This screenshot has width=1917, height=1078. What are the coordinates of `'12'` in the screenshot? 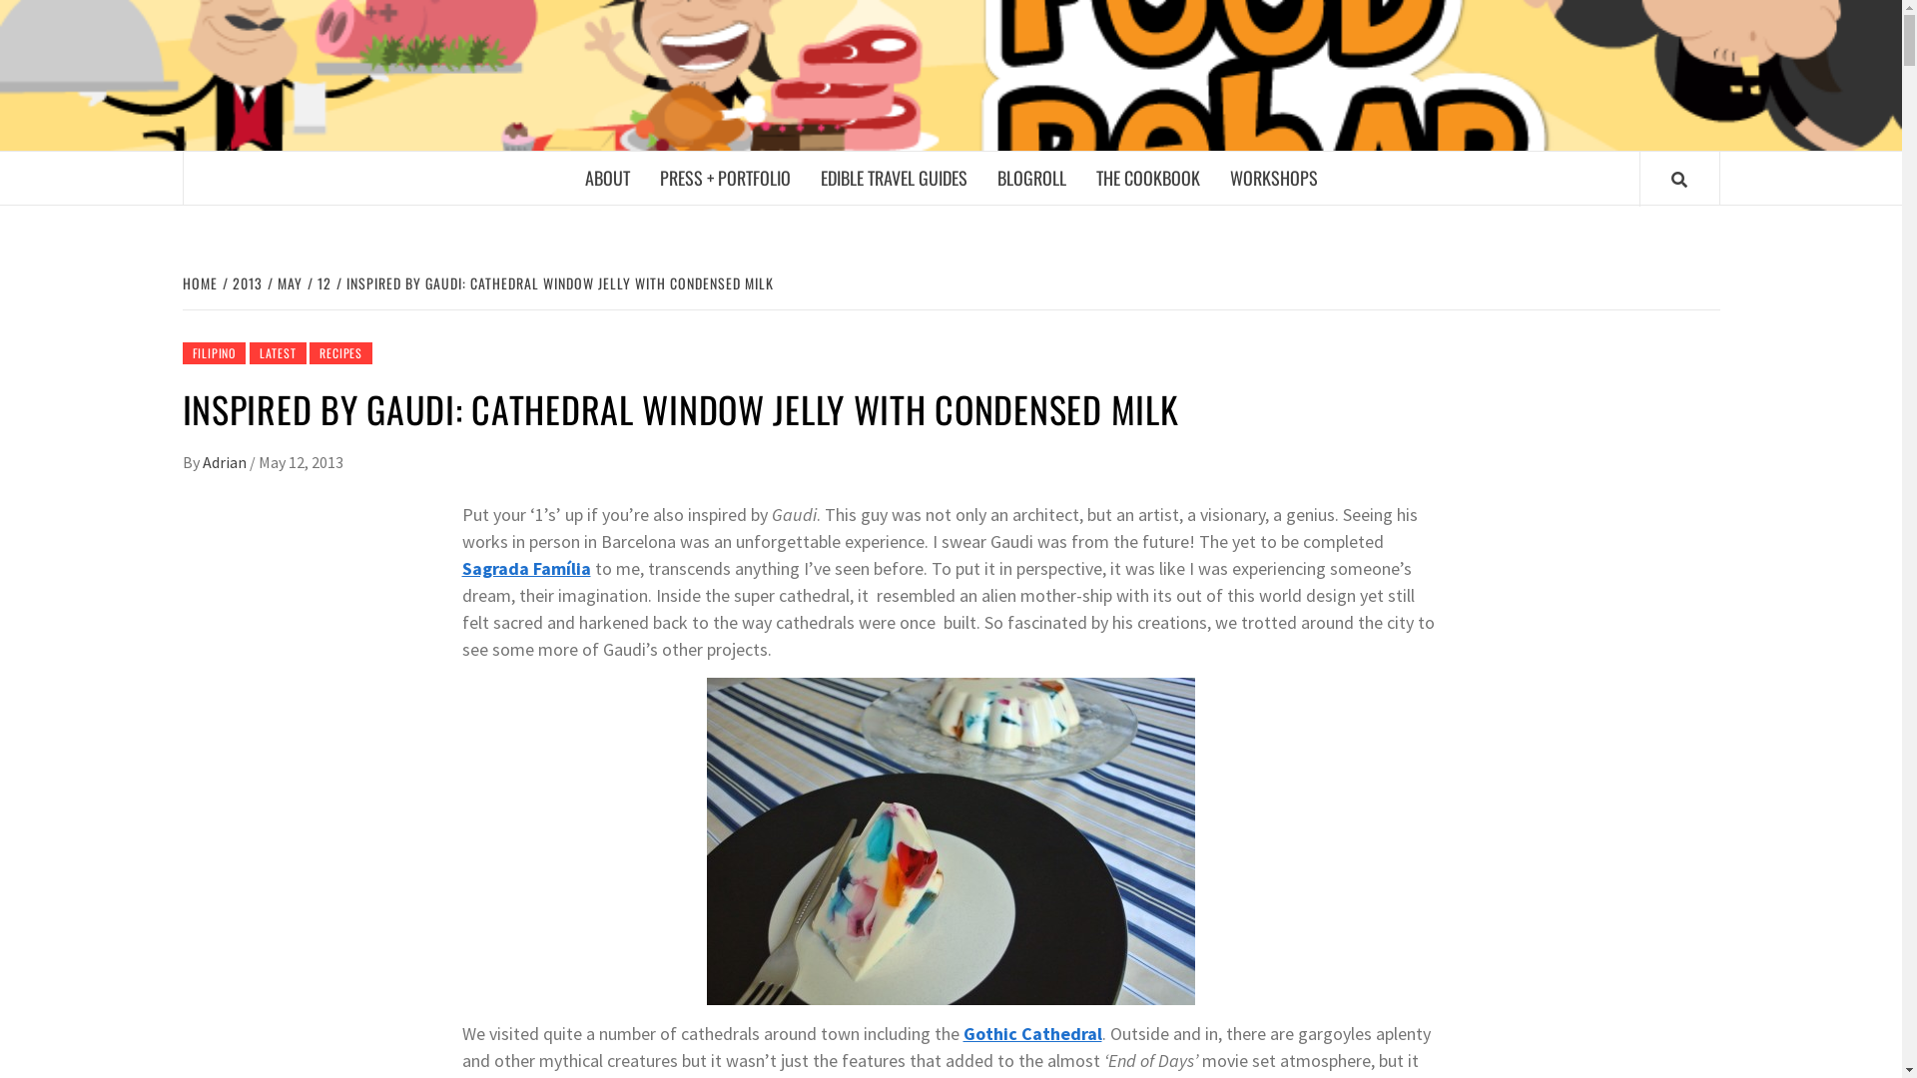 It's located at (321, 282).